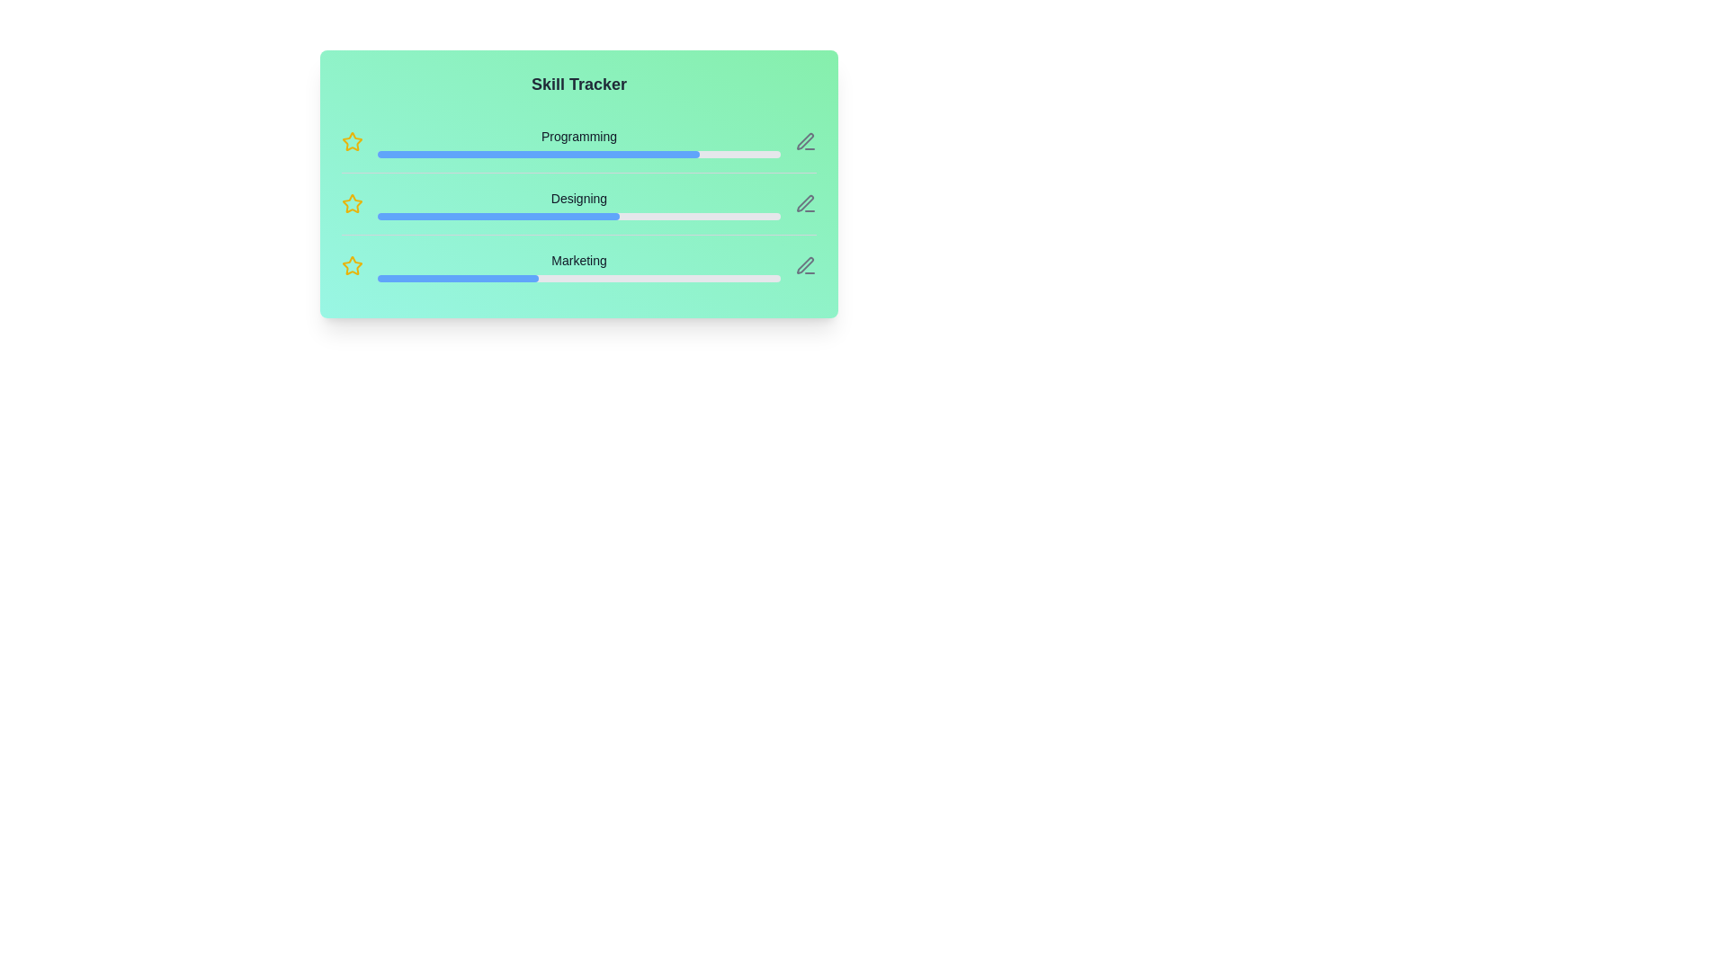 The image size is (1727, 971). What do you see at coordinates (578, 135) in the screenshot?
I see `the skill name Programming to view additional details` at bounding box center [578, 135].